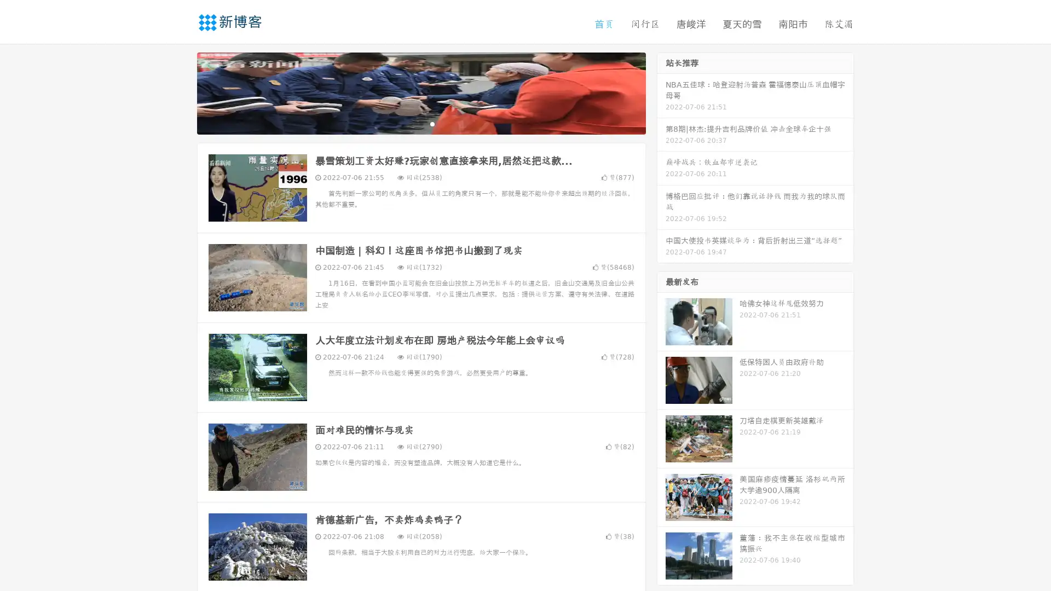 Image resolution: width=1051 pixels, height=591 pixels. What do you see at coordinates (409, 123) in the screenshot?
I see `Go to slide 1` at bounding box center [409, 123].